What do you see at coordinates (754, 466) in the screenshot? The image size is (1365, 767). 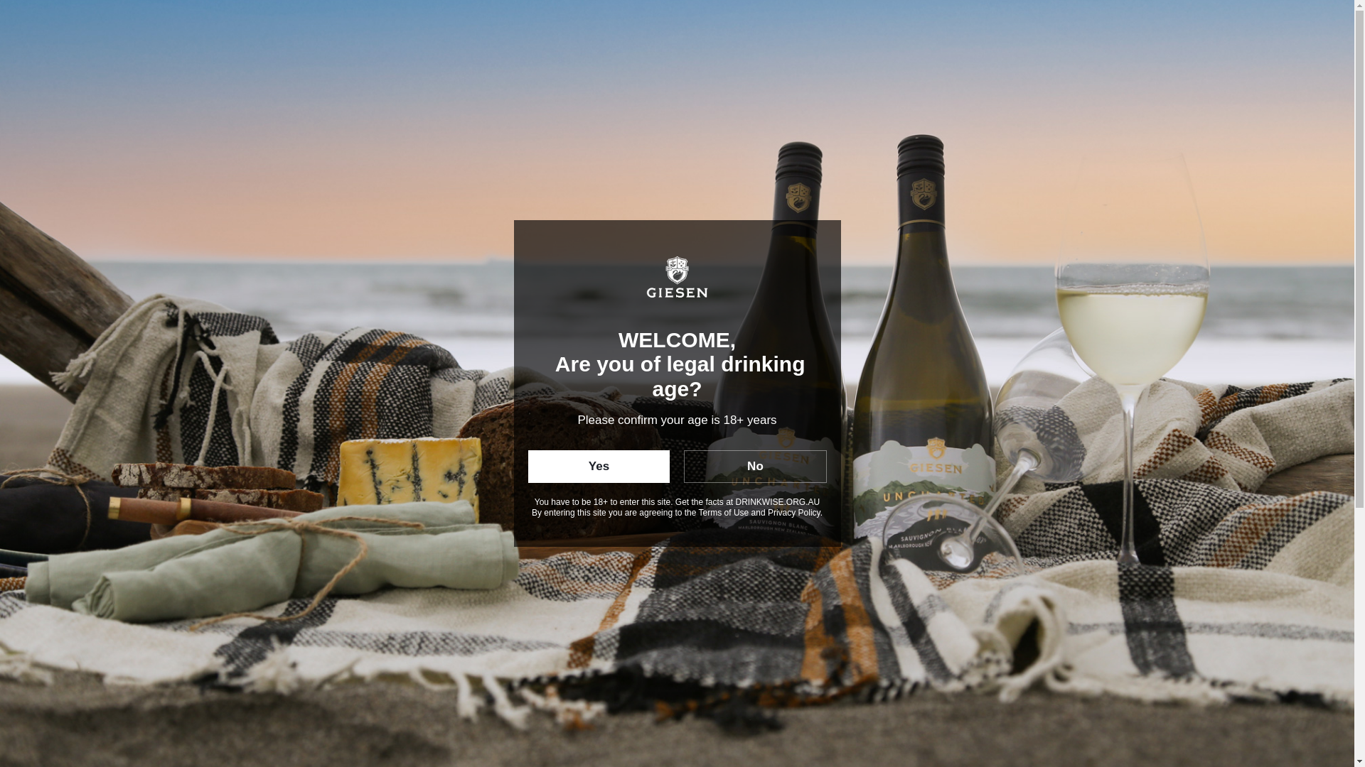 I see `'No'` at bounding box center [754, 466].